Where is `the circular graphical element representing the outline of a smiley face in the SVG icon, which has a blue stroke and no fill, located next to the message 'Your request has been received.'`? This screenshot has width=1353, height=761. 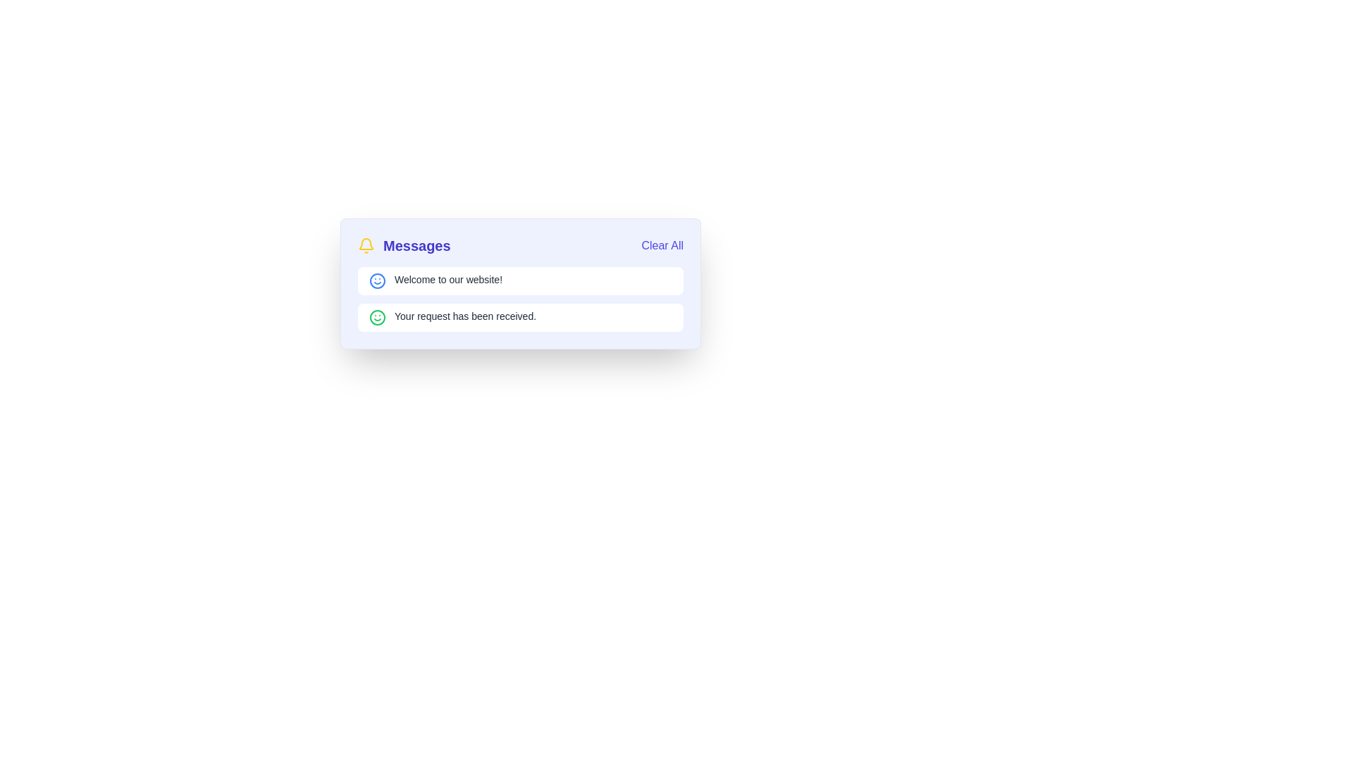
the circular graphical element representing the outline of a smiley face in the SVG icon, which has a blue stroke and no fill, located next to the message 'Your request has been received.' is located at coordinates (378, 280).